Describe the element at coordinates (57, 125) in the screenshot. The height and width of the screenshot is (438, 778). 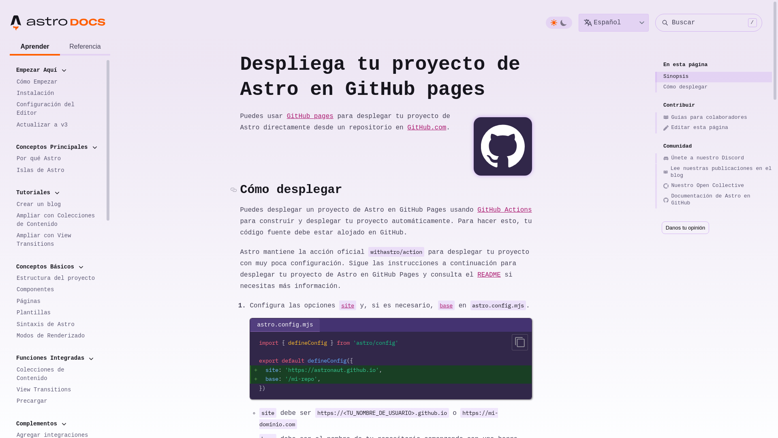
I see `'Actualizar a v3'` at that location.